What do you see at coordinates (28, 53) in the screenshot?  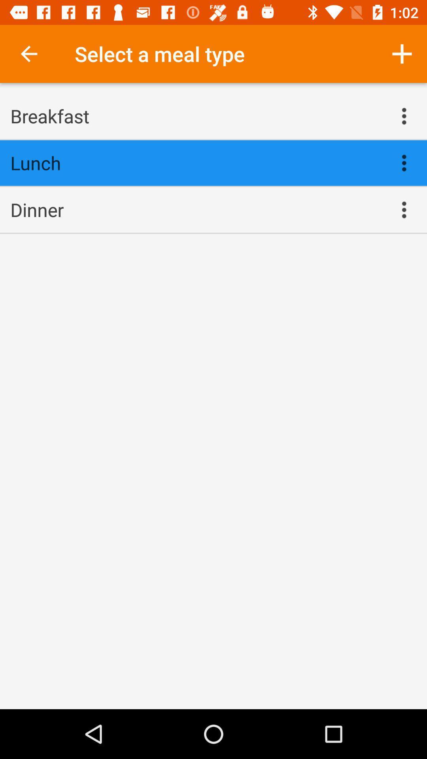 I see `item above breakfast` at bounding box center [28, 53].